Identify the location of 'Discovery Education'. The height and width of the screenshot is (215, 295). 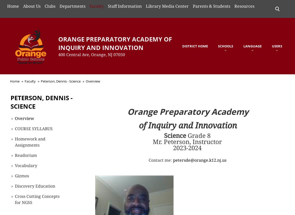
(35, 185).